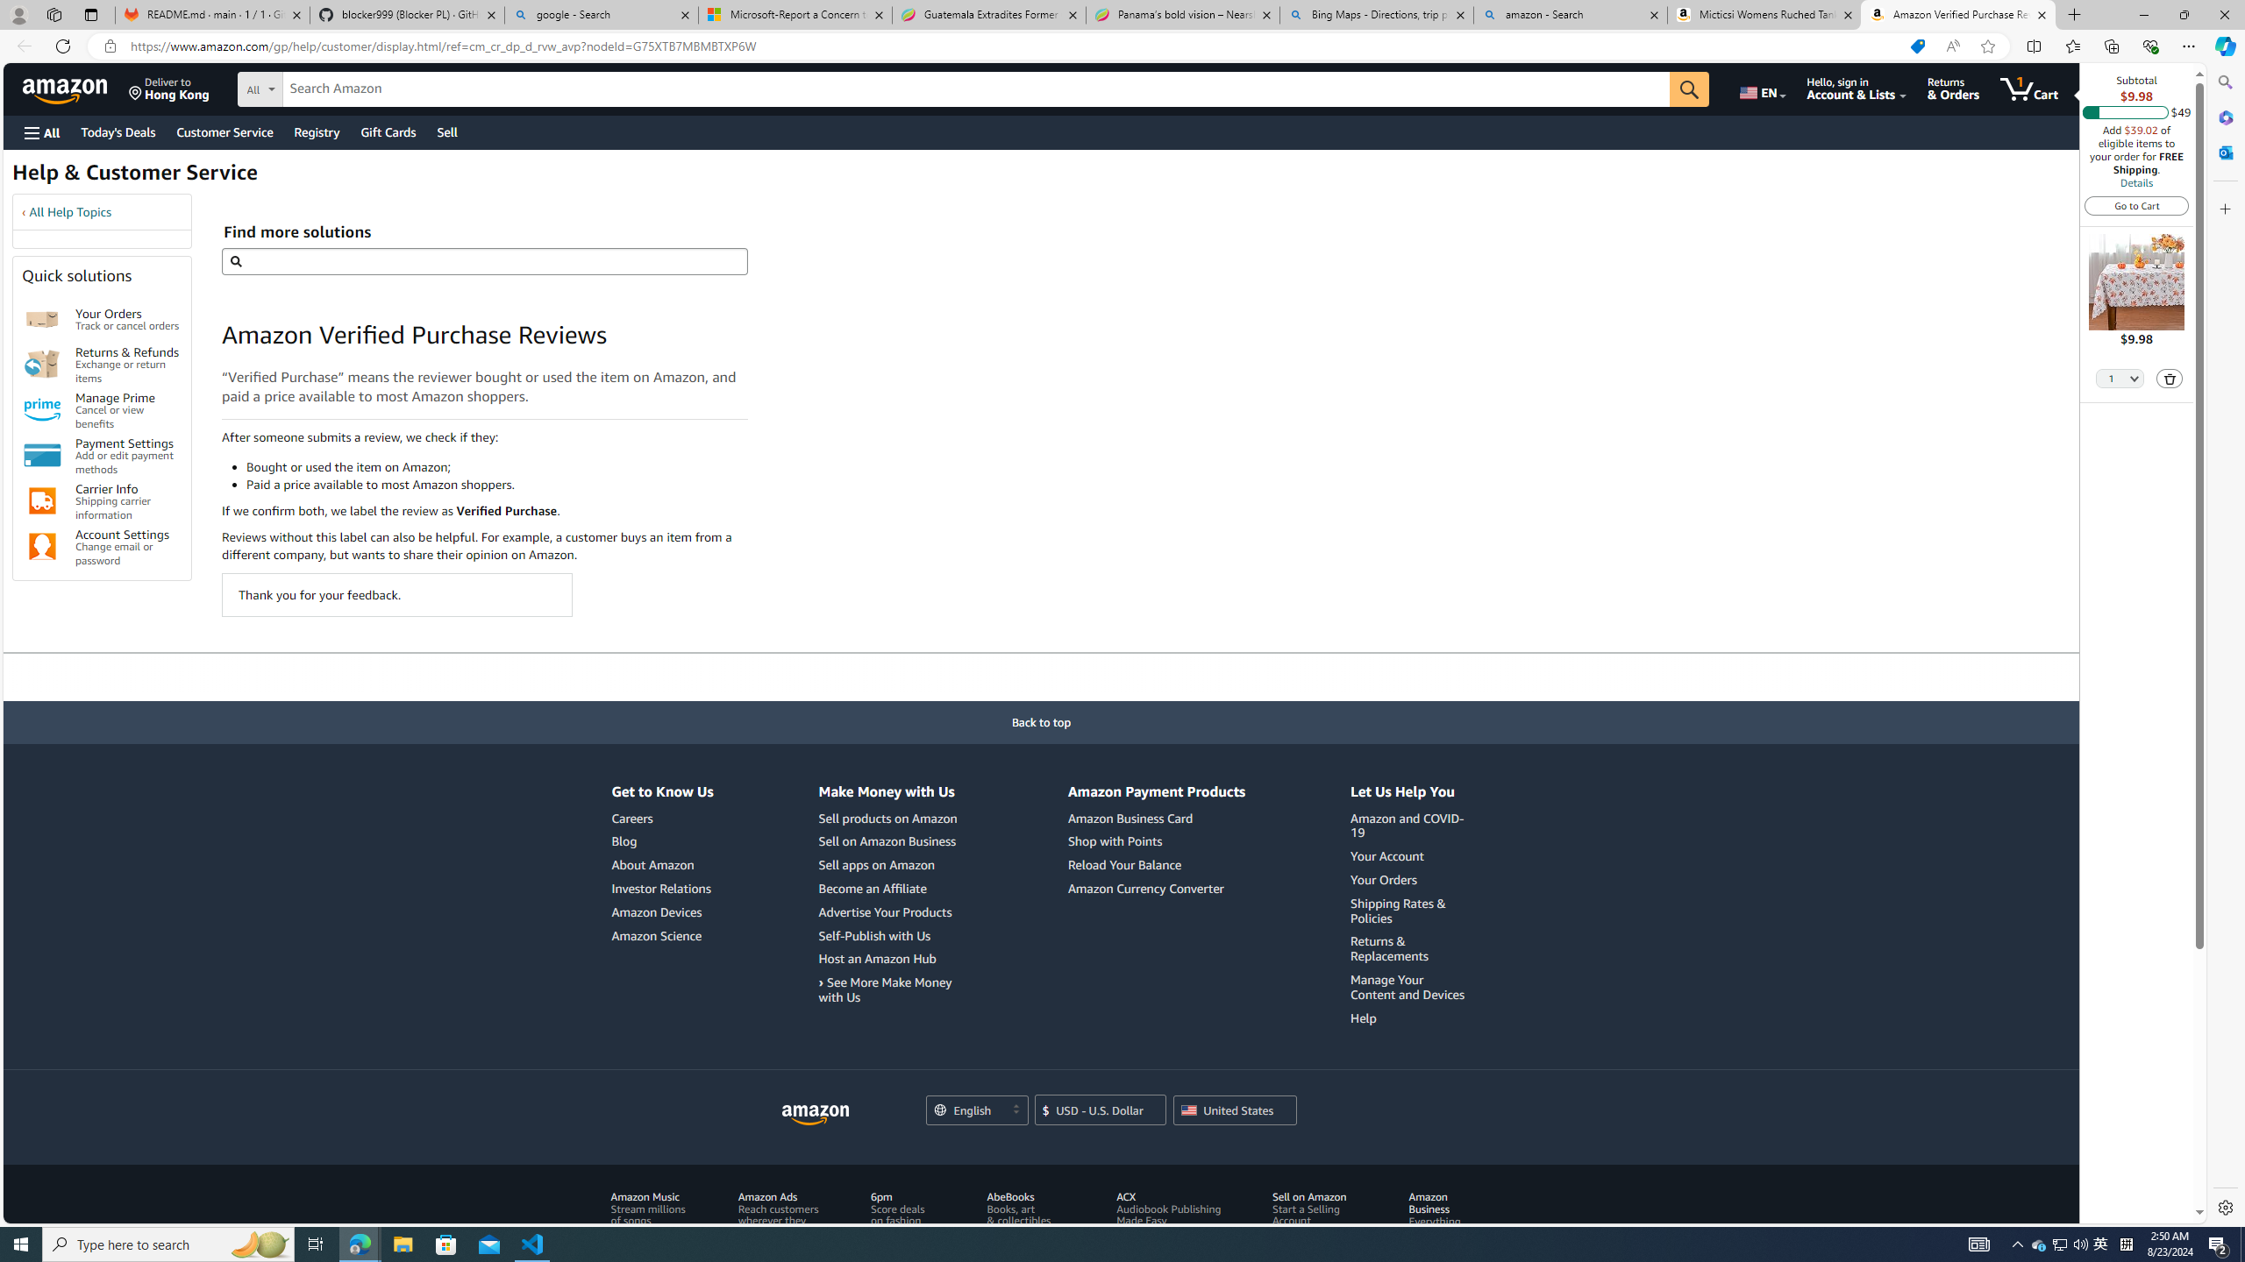  Describe the element at coordinates (779, 1215) in the screenshot. I see `'Amazon Ads Reach customers wherever they spend their time'` at that location.